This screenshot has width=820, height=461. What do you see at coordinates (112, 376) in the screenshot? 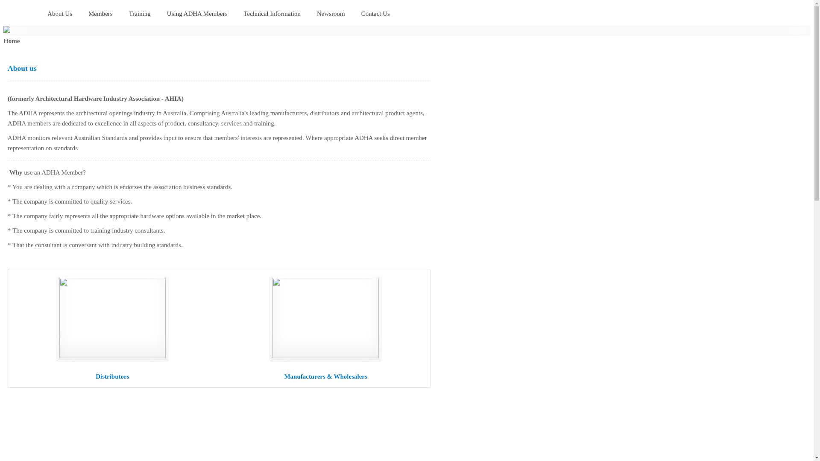
I see `'Distributors'` at bounding box center [112, 376].